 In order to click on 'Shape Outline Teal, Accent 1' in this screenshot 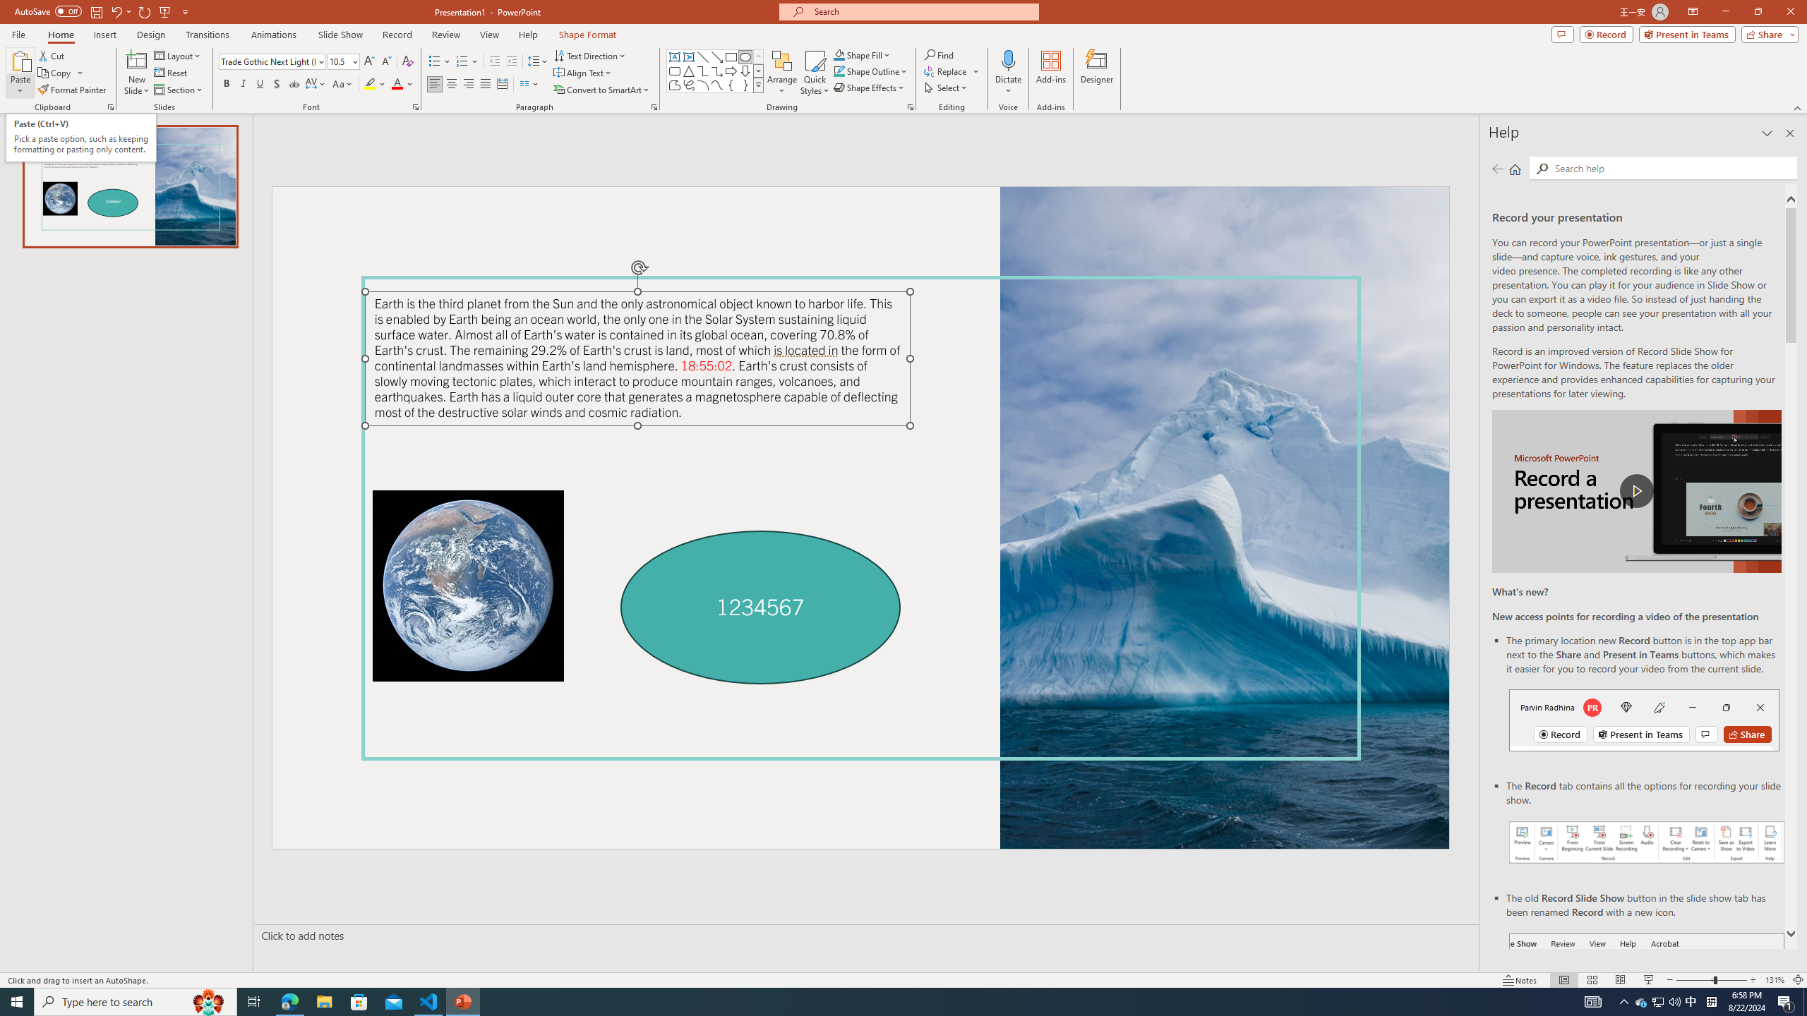, I will do `click(839, 70)`.